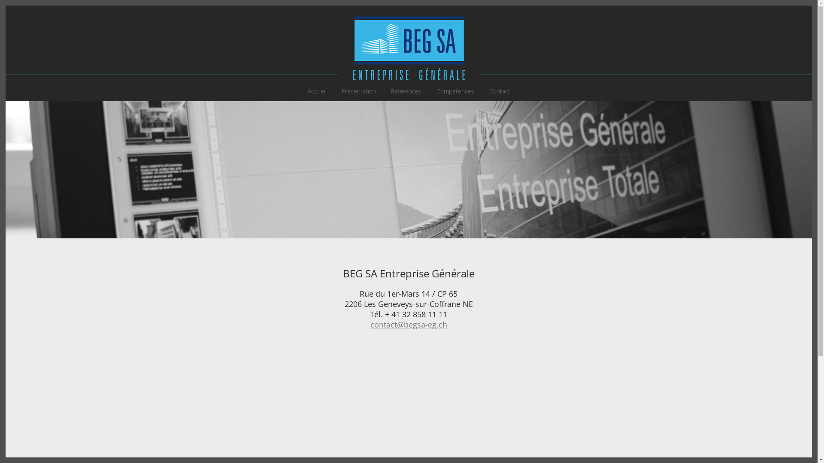  Describe the element at coordinates (500, 91) in the screenshot. I see `'Contact'` at that location.